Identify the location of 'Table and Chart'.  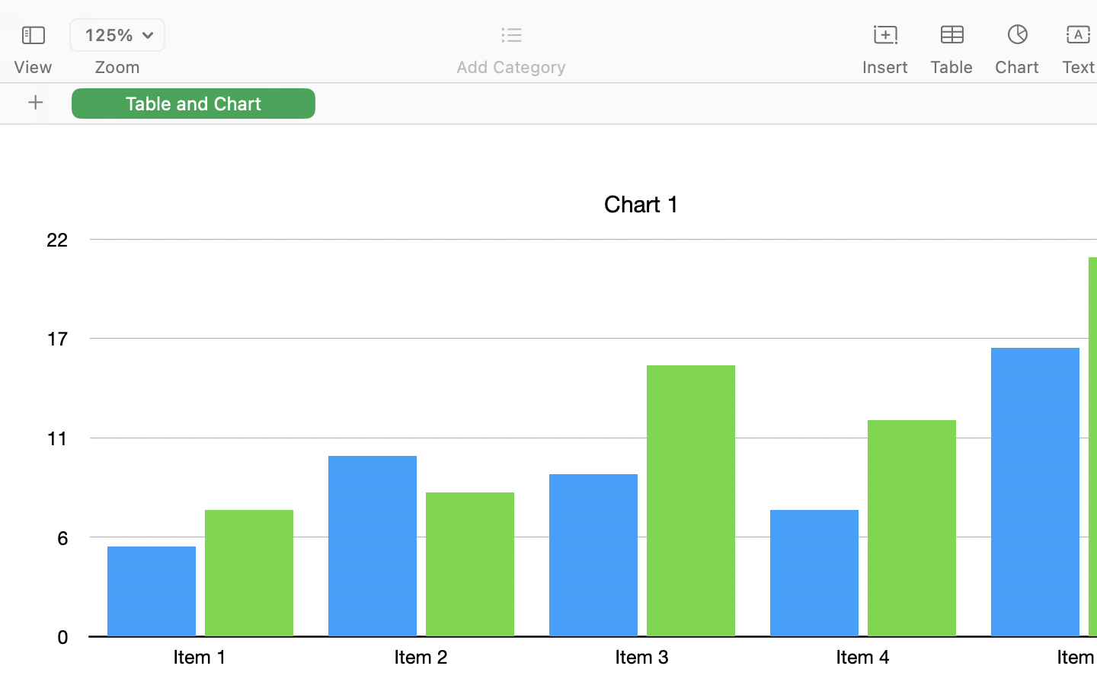
(193, 103).